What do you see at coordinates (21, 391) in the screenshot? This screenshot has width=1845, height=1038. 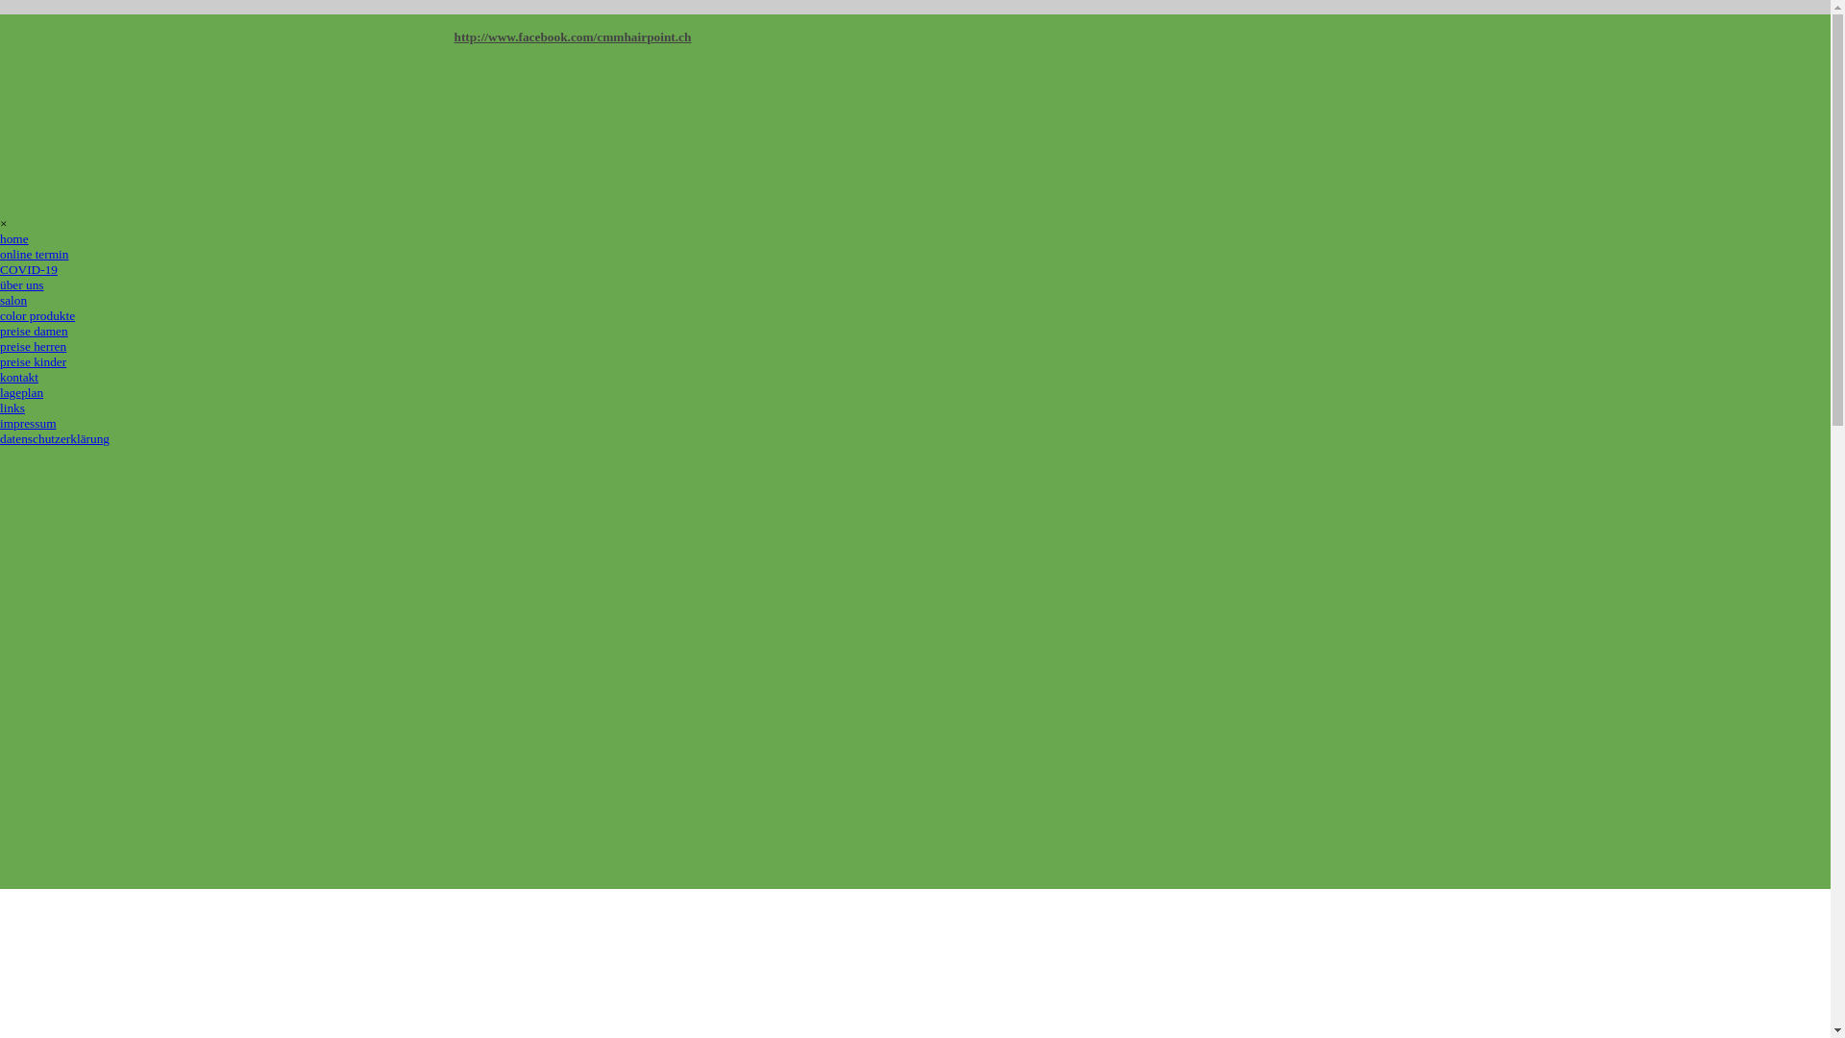 I see `'lageplan'` at bounding box center [21, 391].